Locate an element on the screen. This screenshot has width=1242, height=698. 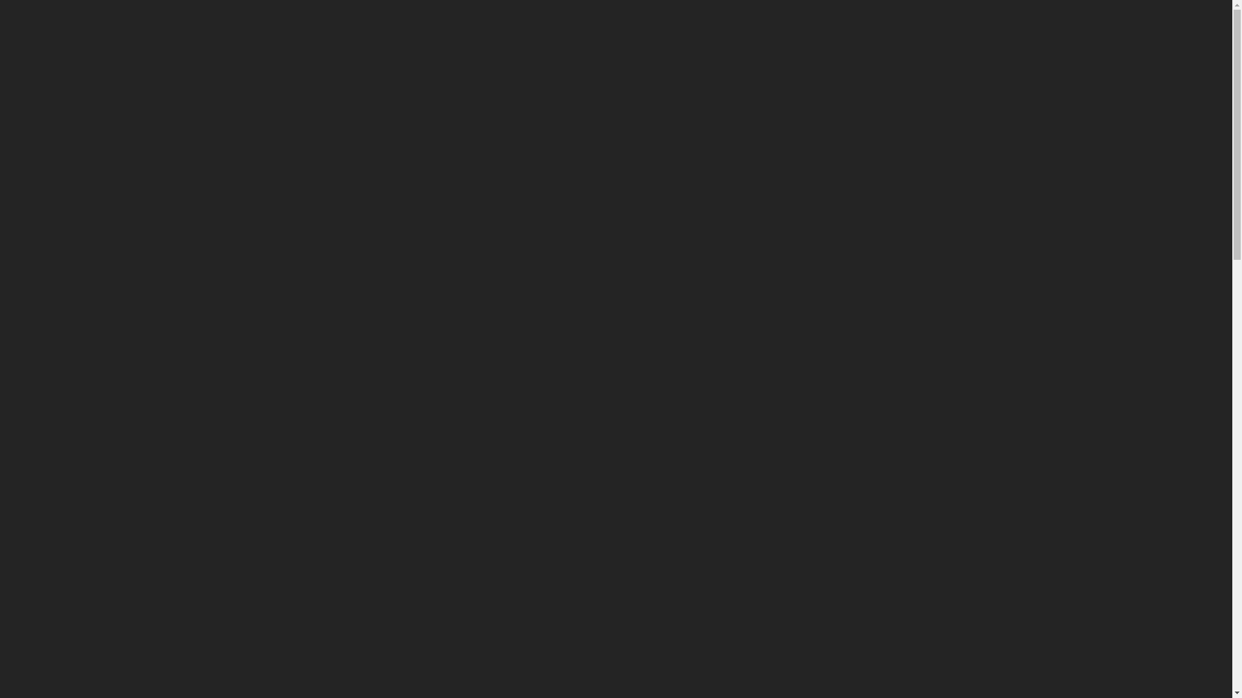
' ' is located at coordinates (1207, 254).